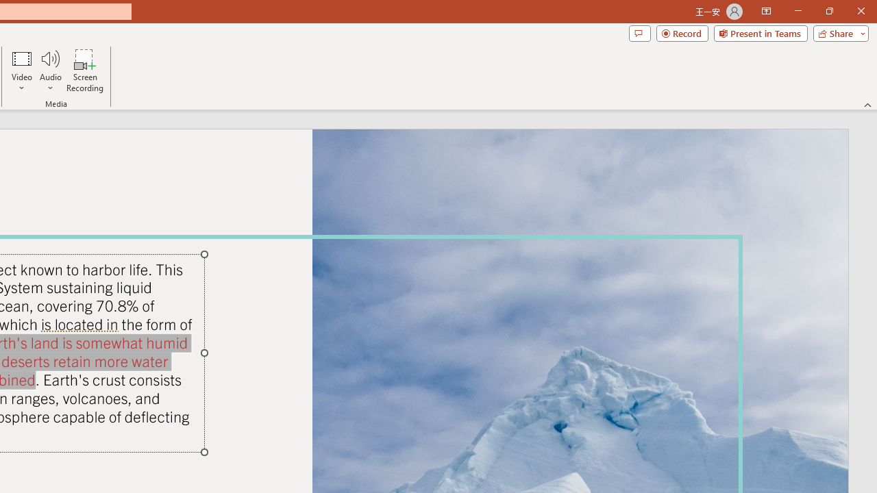 Image resolution: width=877 pixels, height=493 pixels. I want to click on 'Video', so click(22, 71).